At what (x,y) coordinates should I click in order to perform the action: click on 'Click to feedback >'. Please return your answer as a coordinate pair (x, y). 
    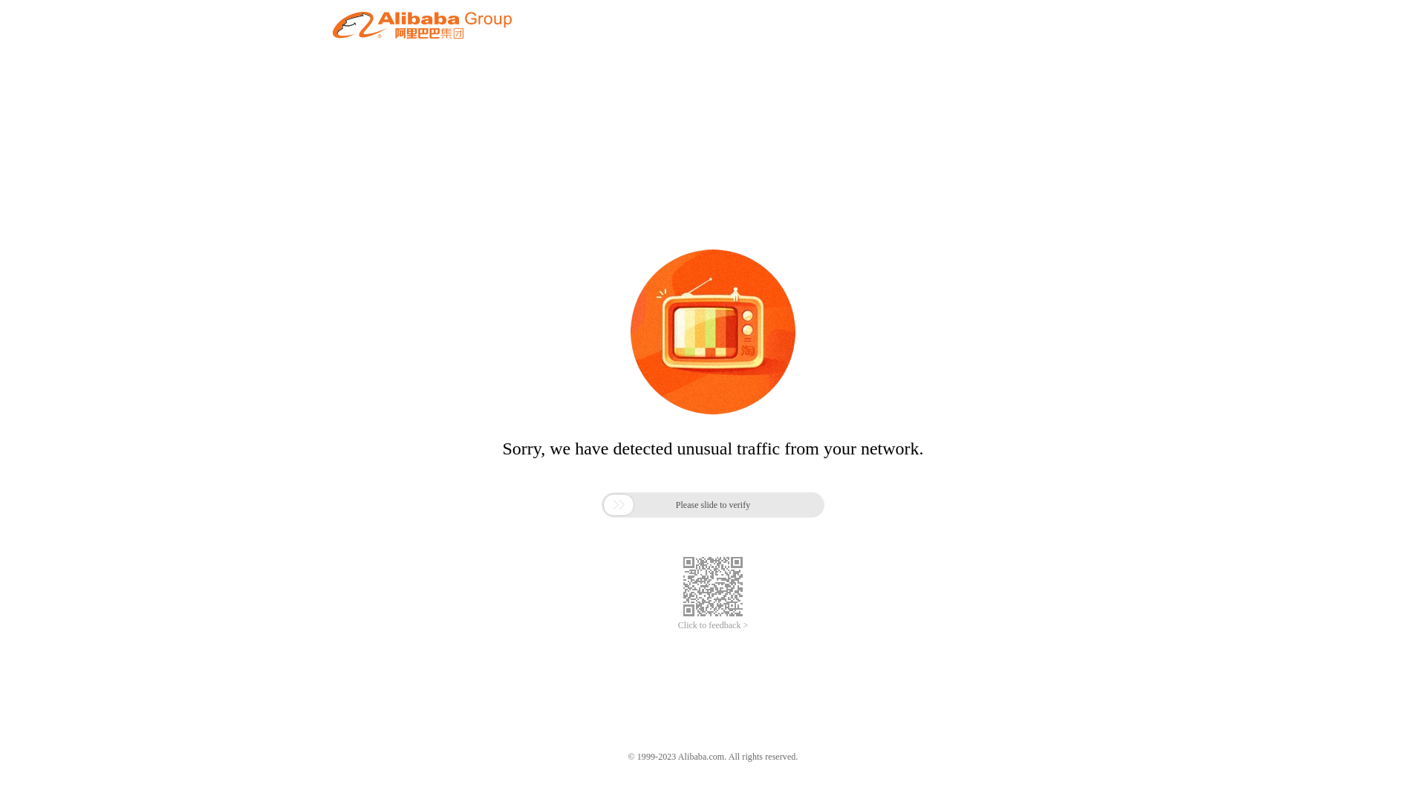
    Looking at the image, I should click on (677, 625).